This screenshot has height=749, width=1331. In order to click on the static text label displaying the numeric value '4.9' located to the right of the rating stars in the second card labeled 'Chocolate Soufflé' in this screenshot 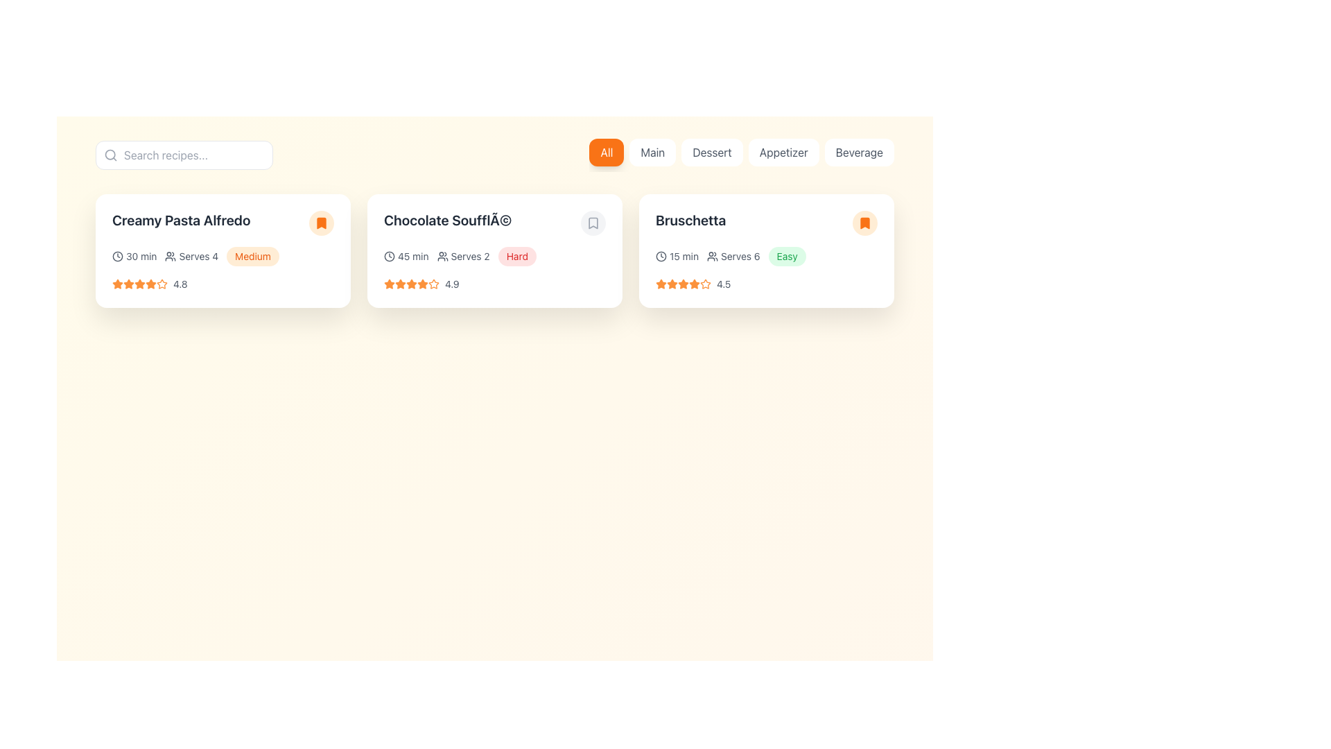, I will do `click(452, 283)`.